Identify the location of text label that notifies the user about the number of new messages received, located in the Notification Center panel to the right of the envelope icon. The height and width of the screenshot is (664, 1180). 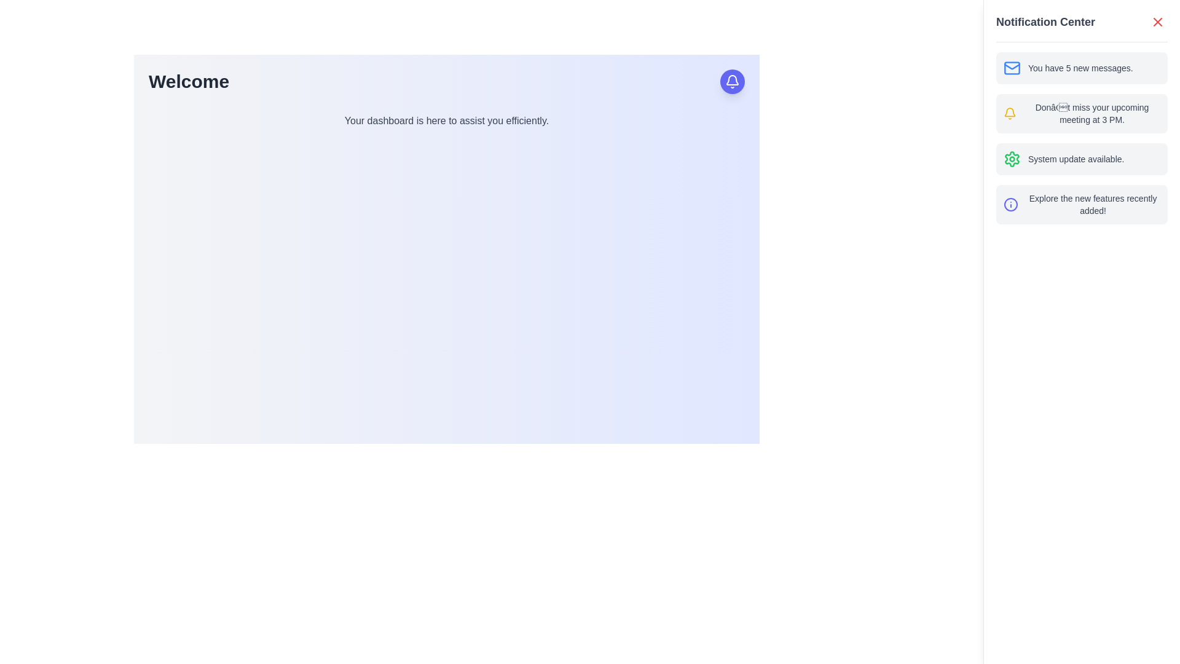
(1080, 68).